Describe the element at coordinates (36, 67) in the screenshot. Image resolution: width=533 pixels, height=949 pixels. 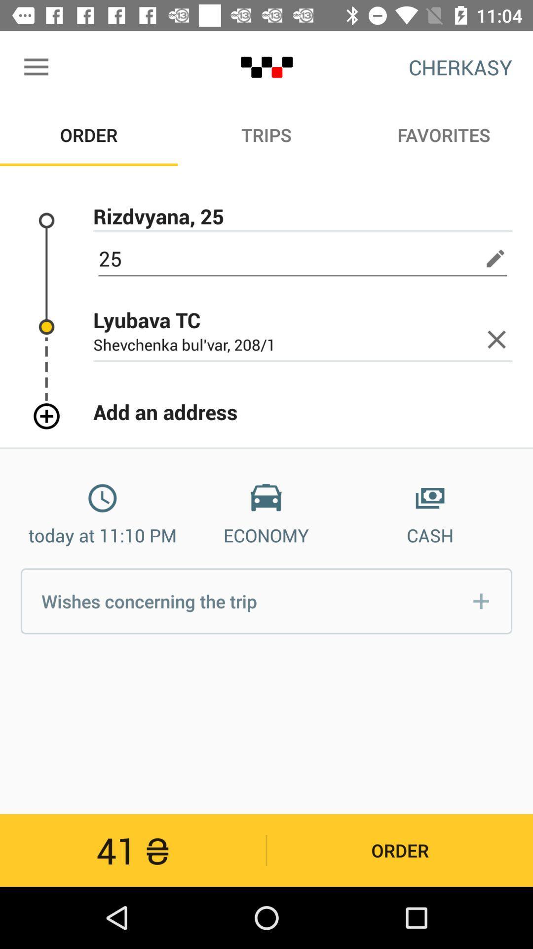
I see `icon above order item` at that location.